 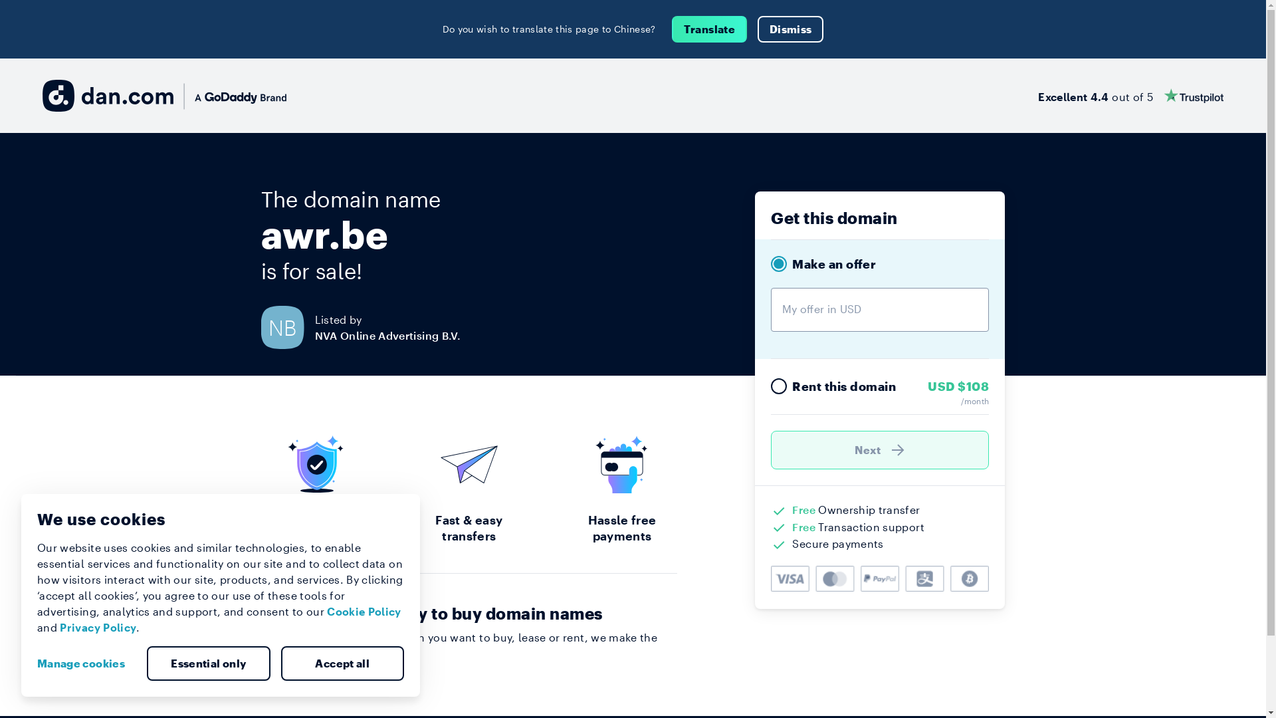 What do you see at coordinates (790, 29) in the screenshot?
I see `'Dismiss'` at bounding box center [790, 29].